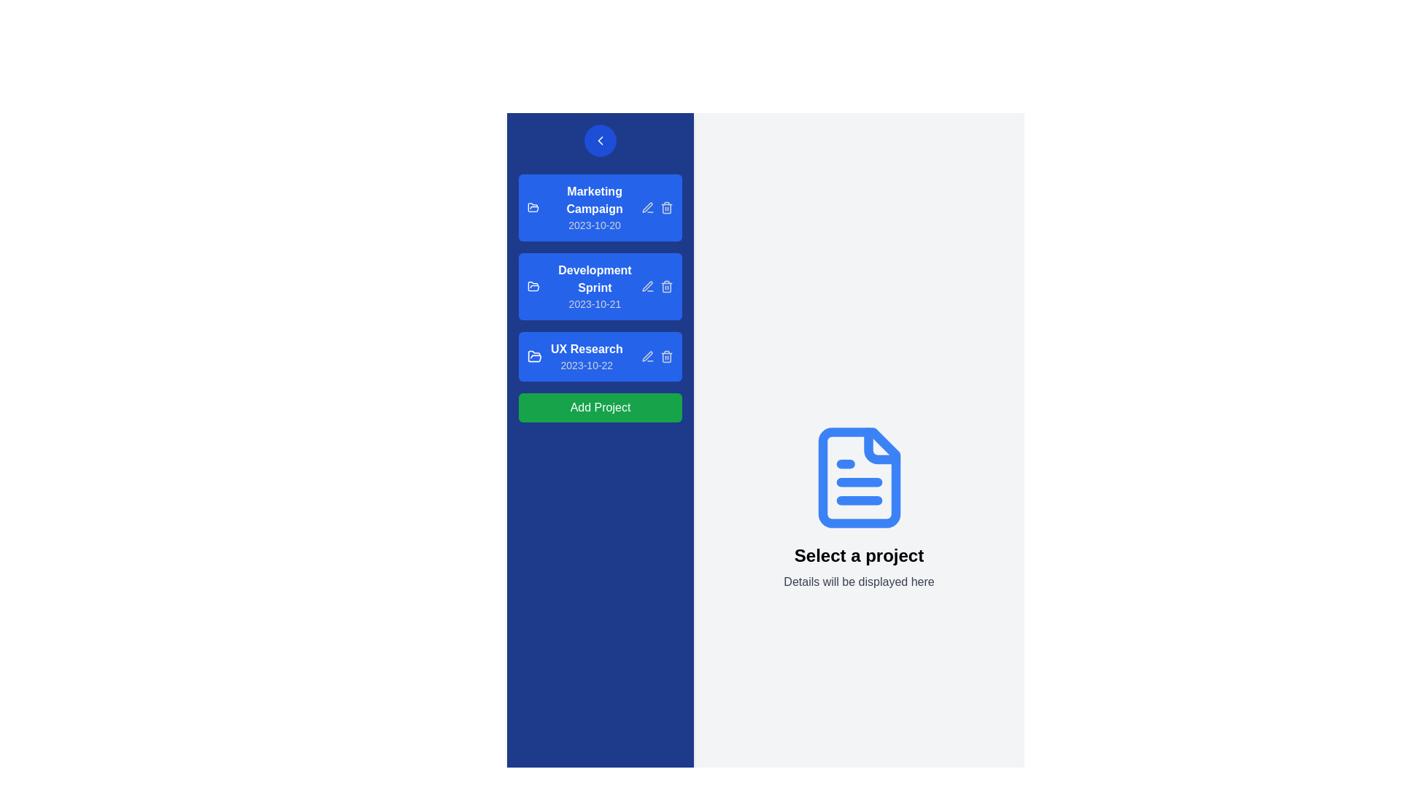  I want to click on the text block that reads 'Details will be displayed here,' which is styled with a gray font color and positioned below the bold text 'Select a project.', so click(859, 582).